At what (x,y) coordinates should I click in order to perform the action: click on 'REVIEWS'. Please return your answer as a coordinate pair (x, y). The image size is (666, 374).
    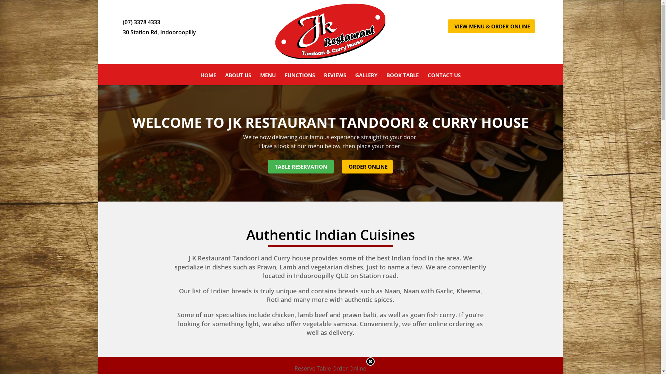
    Looking at the image, I should click on (335, 78).